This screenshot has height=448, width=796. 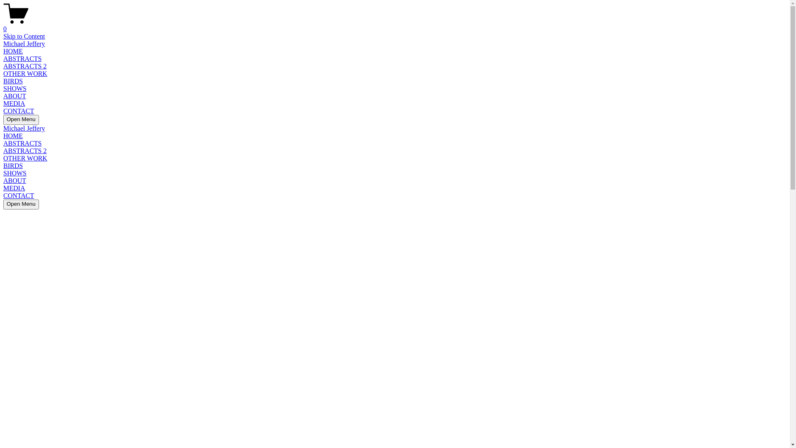 I want to click on 'Skip to Content', so click(x=24, y=36).